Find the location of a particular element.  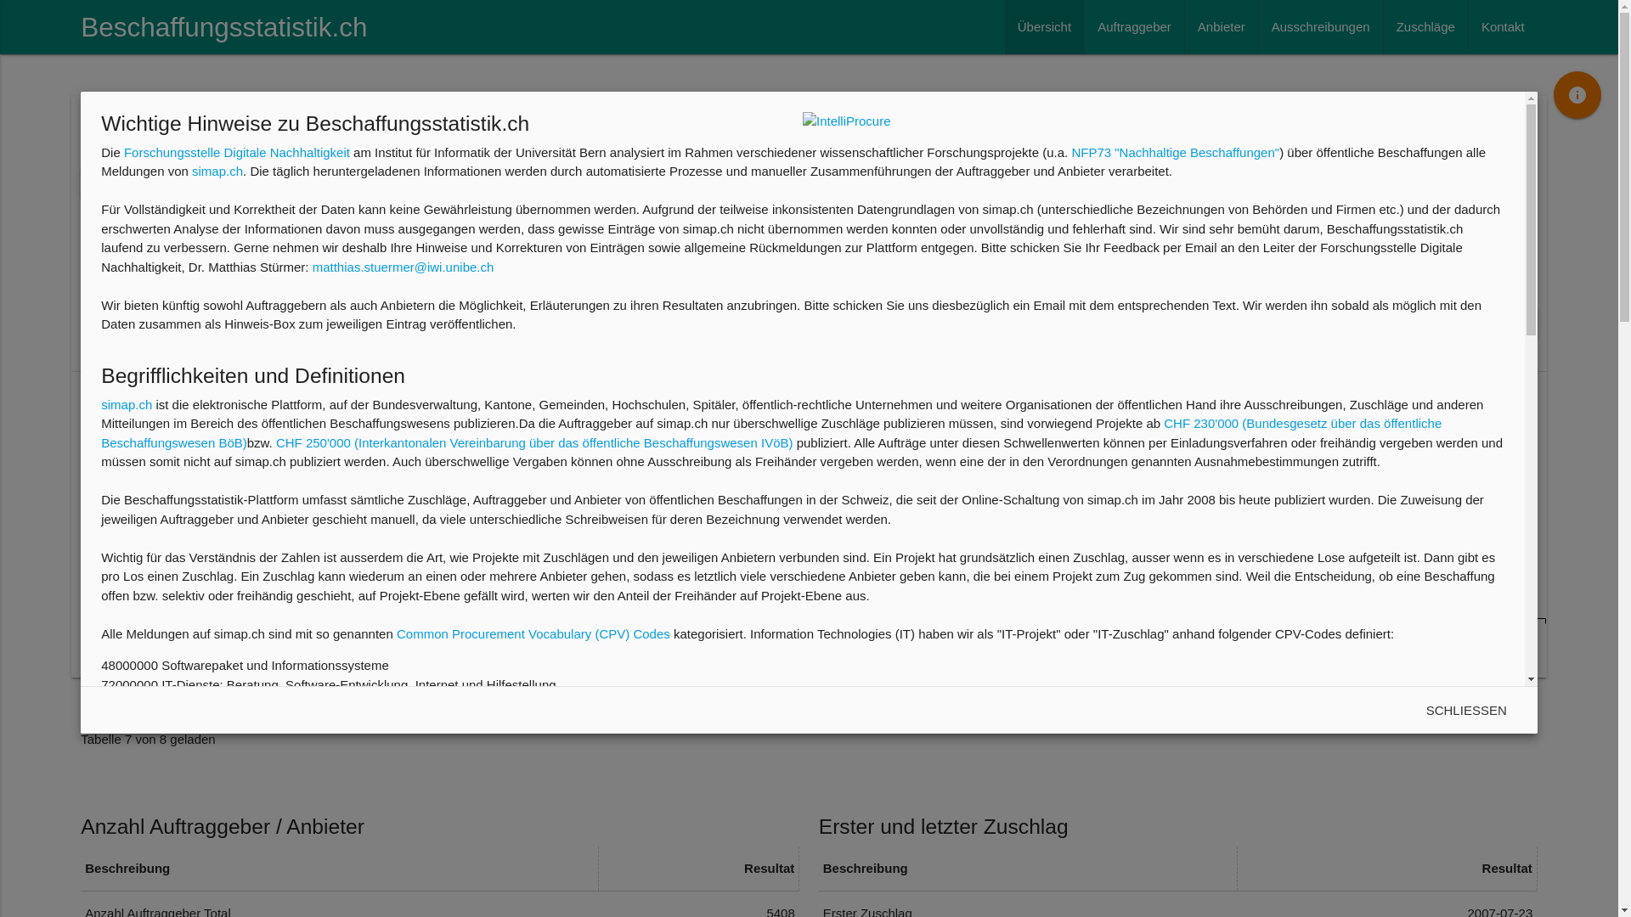

'Ausschreibungen' is located at coordinates (1320, 26).